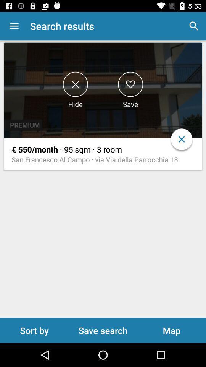  What do you see at coordinates (103, 330) in the screenshot?
I see `icon to the right of the sort by item` at bounding box center [103, 330].